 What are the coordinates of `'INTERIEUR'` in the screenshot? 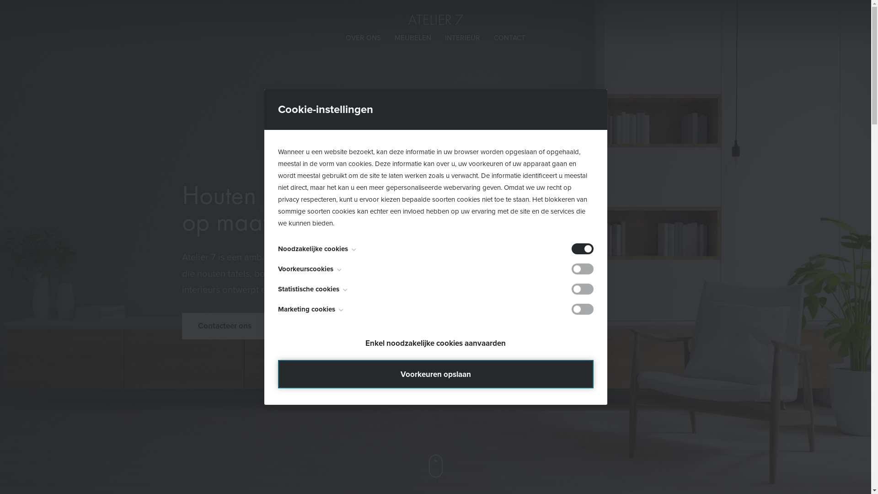 It's located at (445, 38).